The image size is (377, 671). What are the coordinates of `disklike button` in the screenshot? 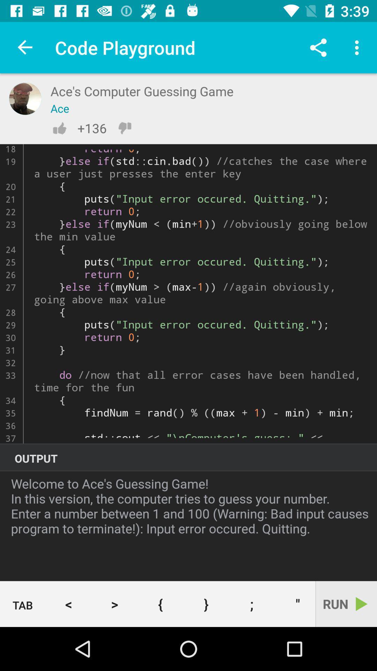 It's located at (124, 128).